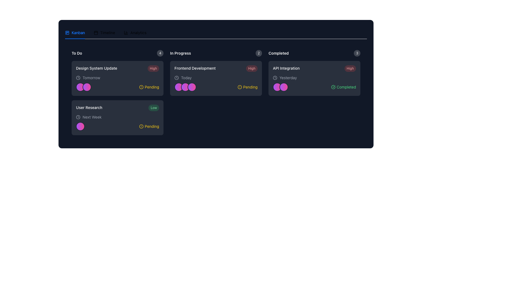 This screenshot has width=525, height=295. What do you see at coordinates (286, 68) in the screenshot?
I see `the label that describes the title or name of a task or project in the 'Completed' column, located at the upper left corner of the card and horizontally aligned with the 'High' priority badge` at bounding box center [286, 68].